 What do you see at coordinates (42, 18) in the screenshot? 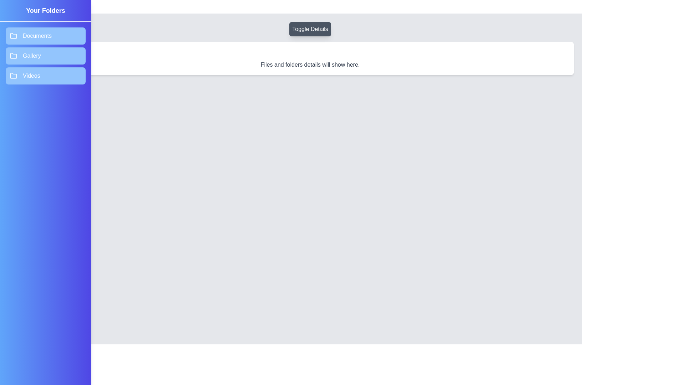
I see `the toggle button at the top-left corner to toggle the drawer panel` at bounding box center [42, 18].